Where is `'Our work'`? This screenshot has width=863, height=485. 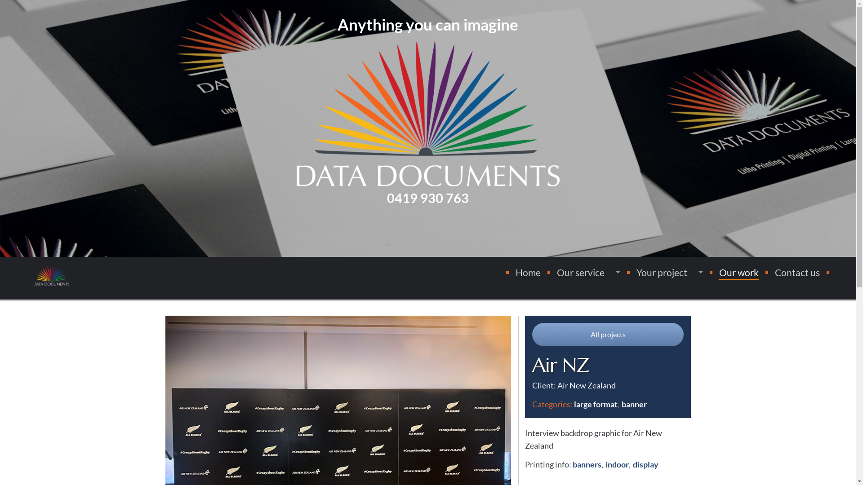
'Our work' is located at coordinates (738, 272).